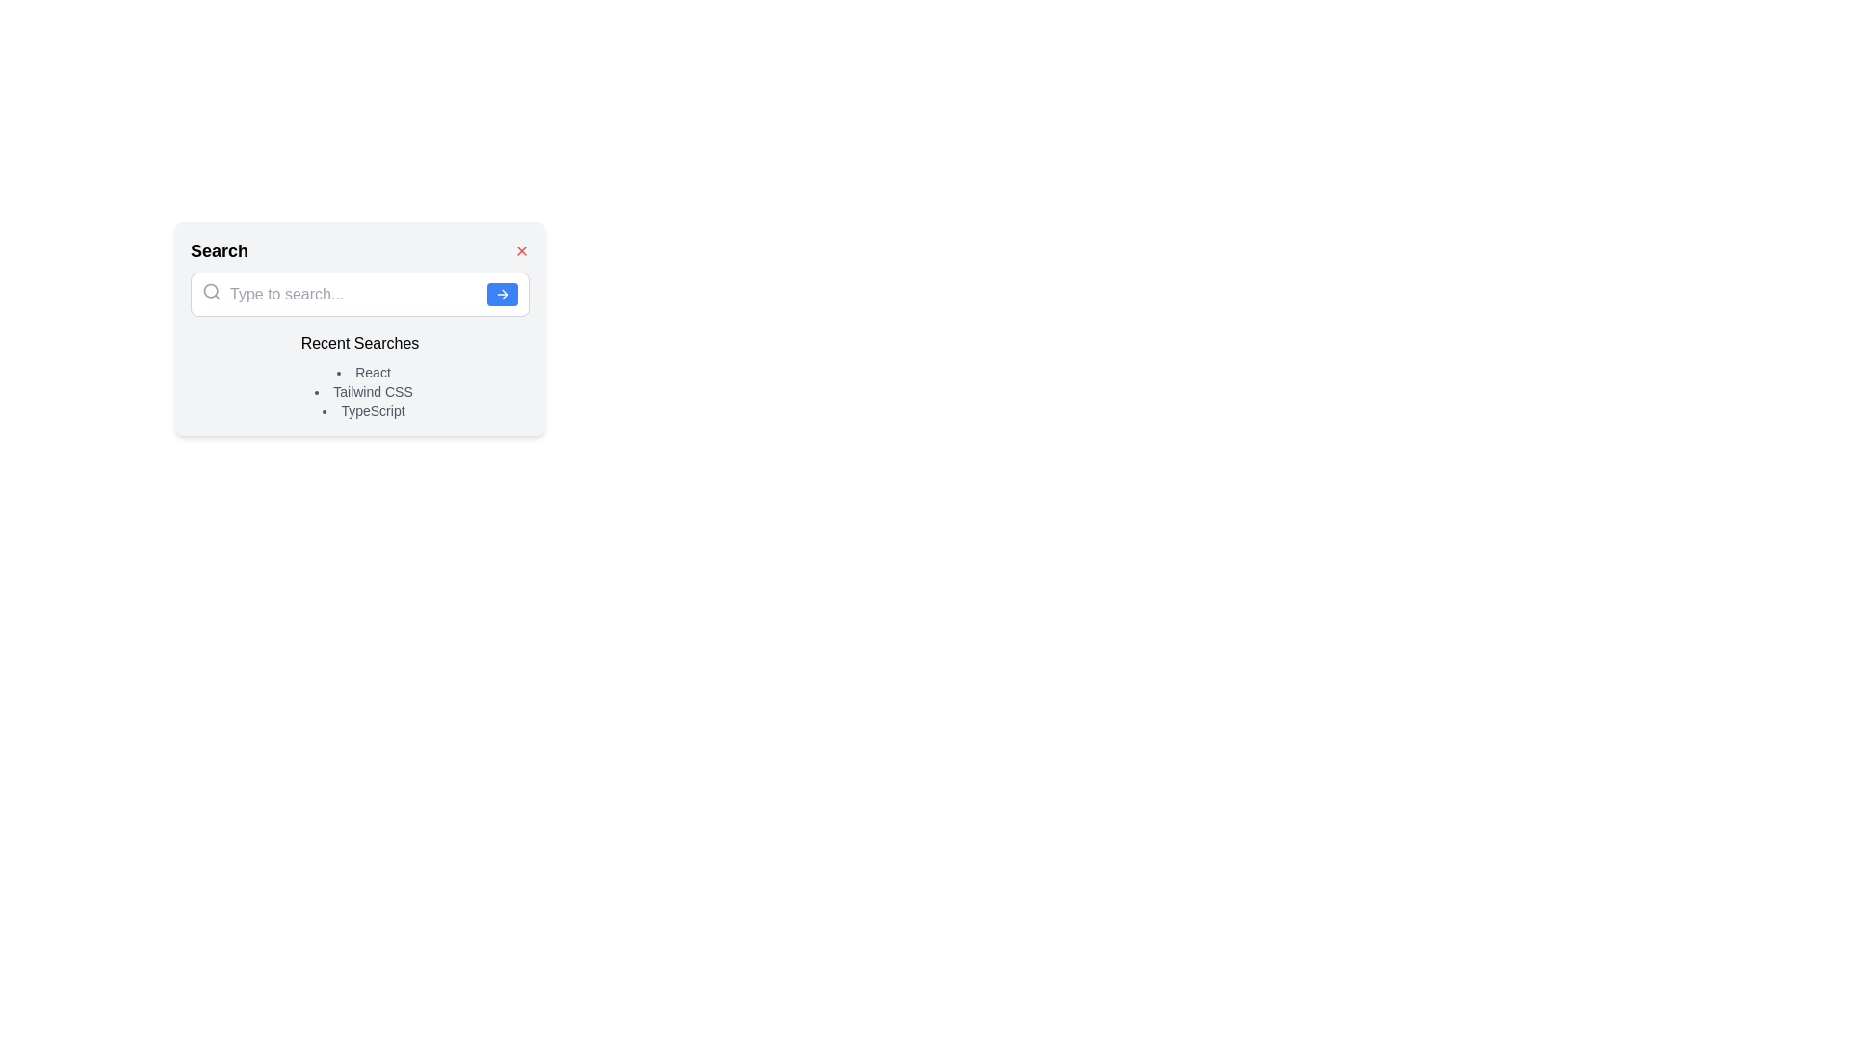  Describe the element at coordinates (211, 291) in the screenshot. I see `the Iconographic Circle, which visually represents a magnifying glass used as a search icon, positioned towards its center` at that location.